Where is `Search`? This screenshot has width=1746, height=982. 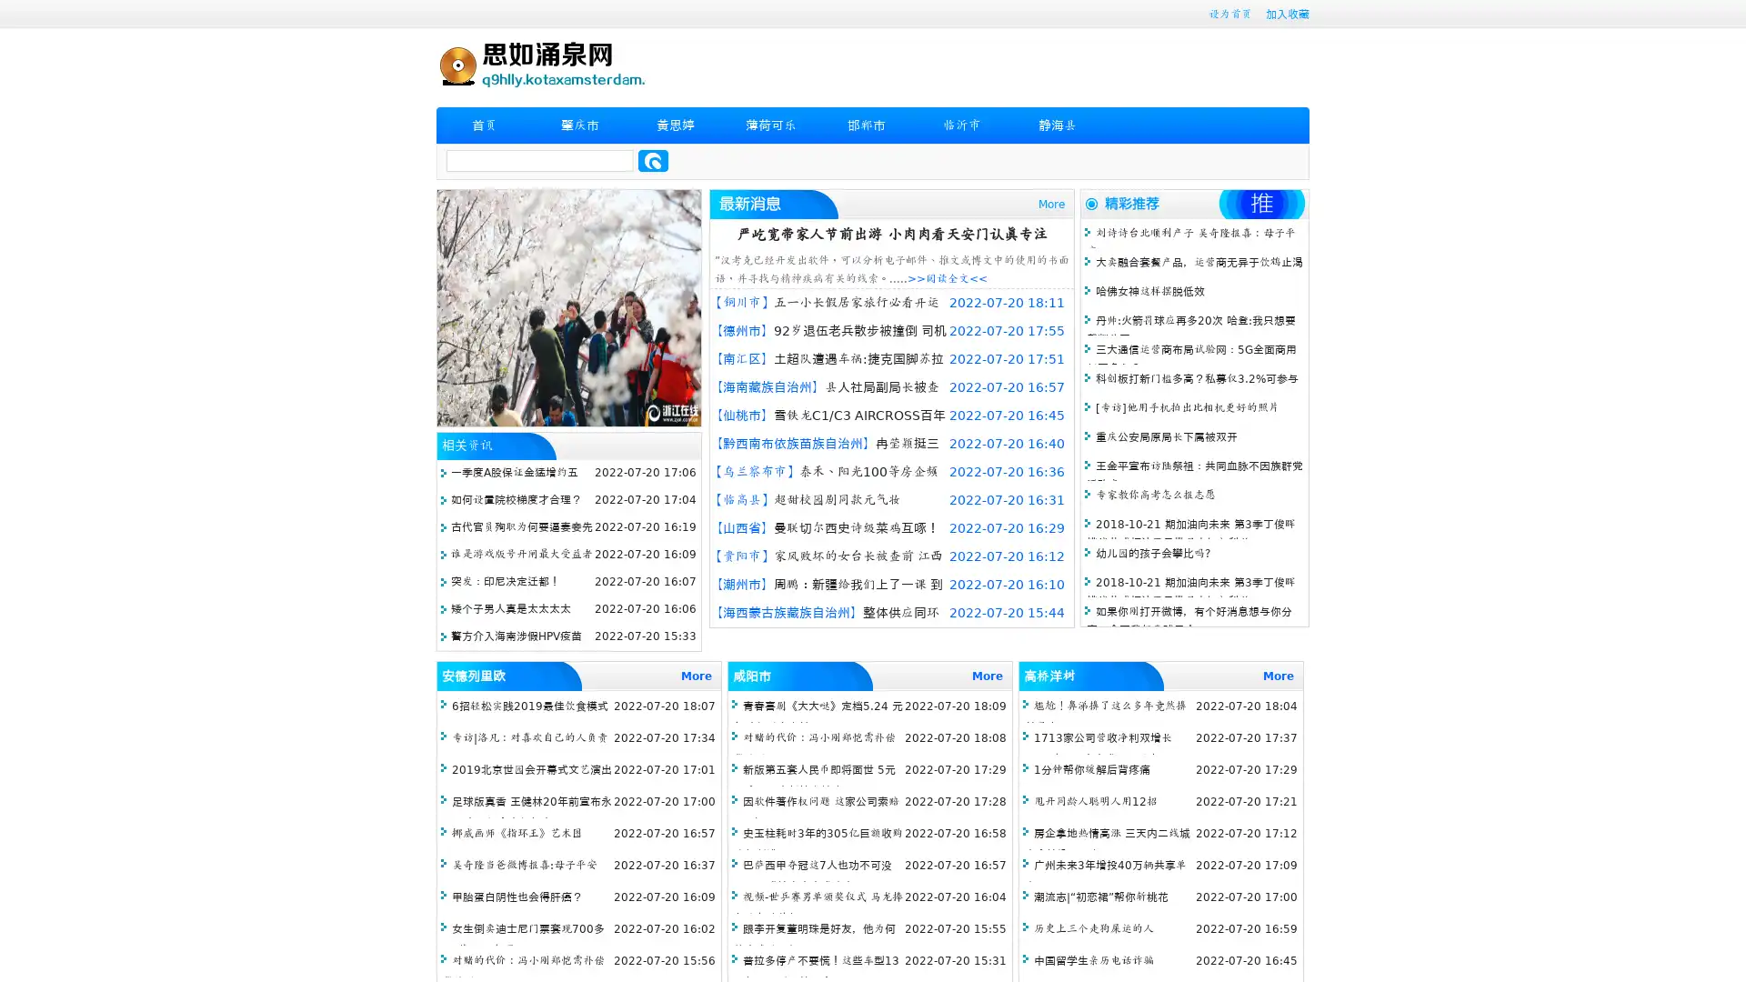 Search is located at coordinates (653, 160).